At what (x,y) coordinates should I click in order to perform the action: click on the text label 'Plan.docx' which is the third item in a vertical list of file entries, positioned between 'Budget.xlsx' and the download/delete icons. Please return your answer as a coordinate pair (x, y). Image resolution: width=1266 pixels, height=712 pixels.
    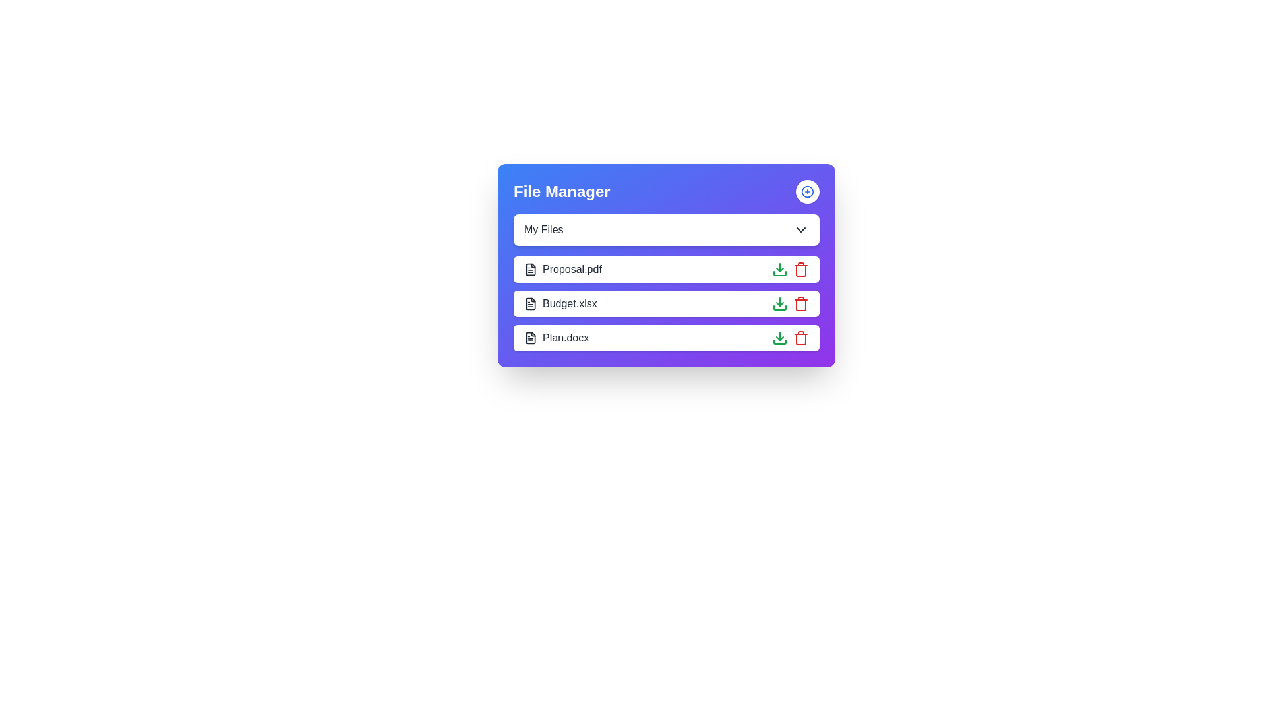
    Looking at the image, I should click on (557, 338).